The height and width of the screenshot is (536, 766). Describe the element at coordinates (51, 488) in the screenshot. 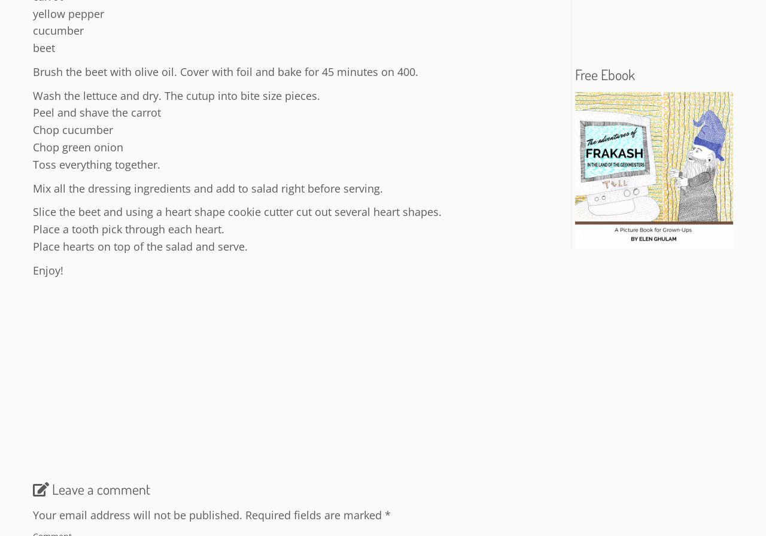

I see `'Leave a comment'` at that location.